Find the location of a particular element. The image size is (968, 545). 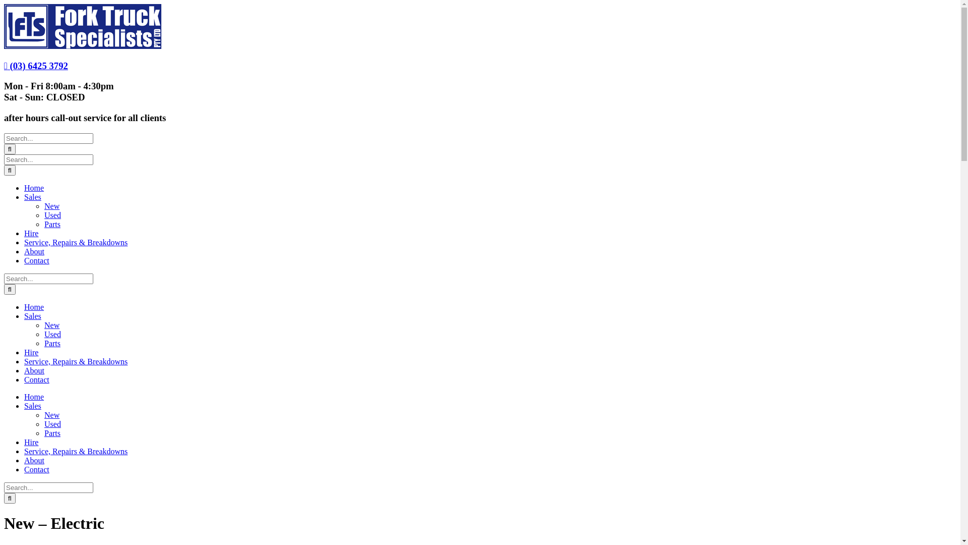

'About' is located at coordinates (34, 460).